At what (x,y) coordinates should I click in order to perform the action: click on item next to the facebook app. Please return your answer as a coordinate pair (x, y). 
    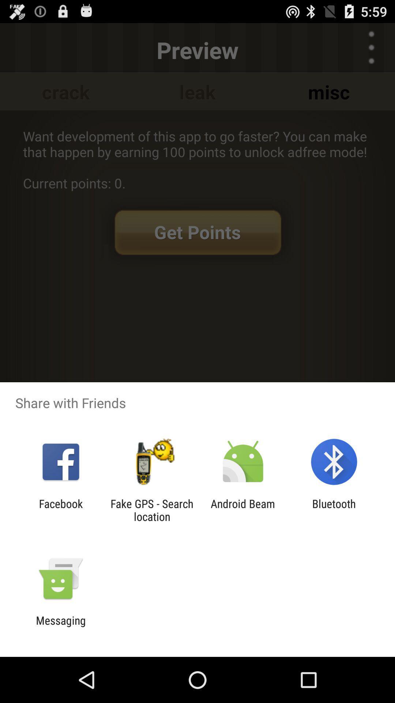
    Looking at the image, I should click on (151, 510).